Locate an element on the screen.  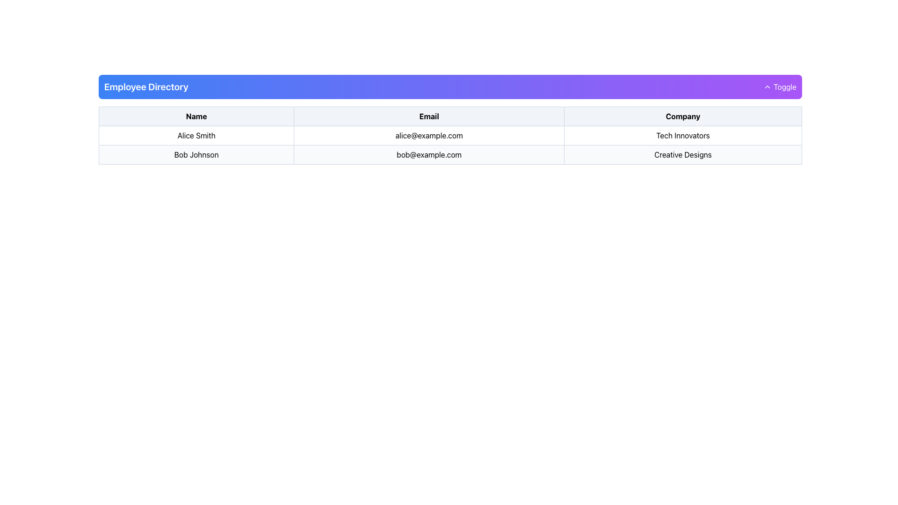
the 'Name' table header, which is the first column header in a table with a light gray background and bold text is located at coordinates (196, 116).